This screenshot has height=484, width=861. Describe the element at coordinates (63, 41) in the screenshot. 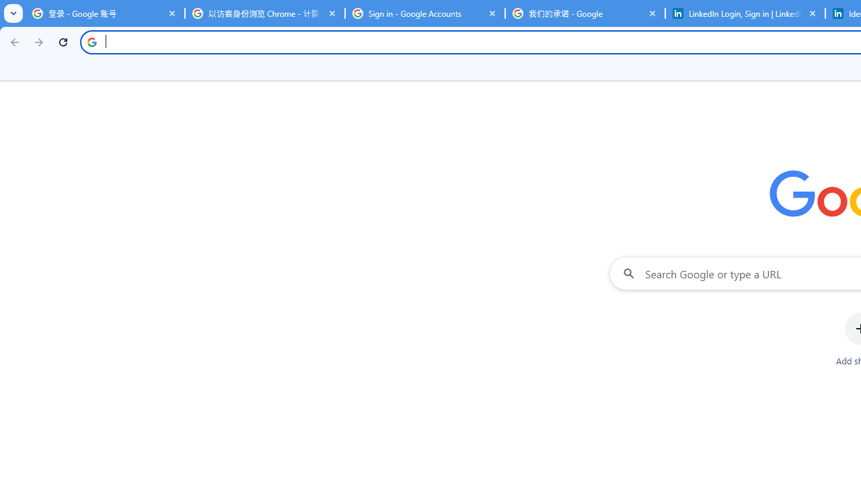

I see `'Reload'` at that location.